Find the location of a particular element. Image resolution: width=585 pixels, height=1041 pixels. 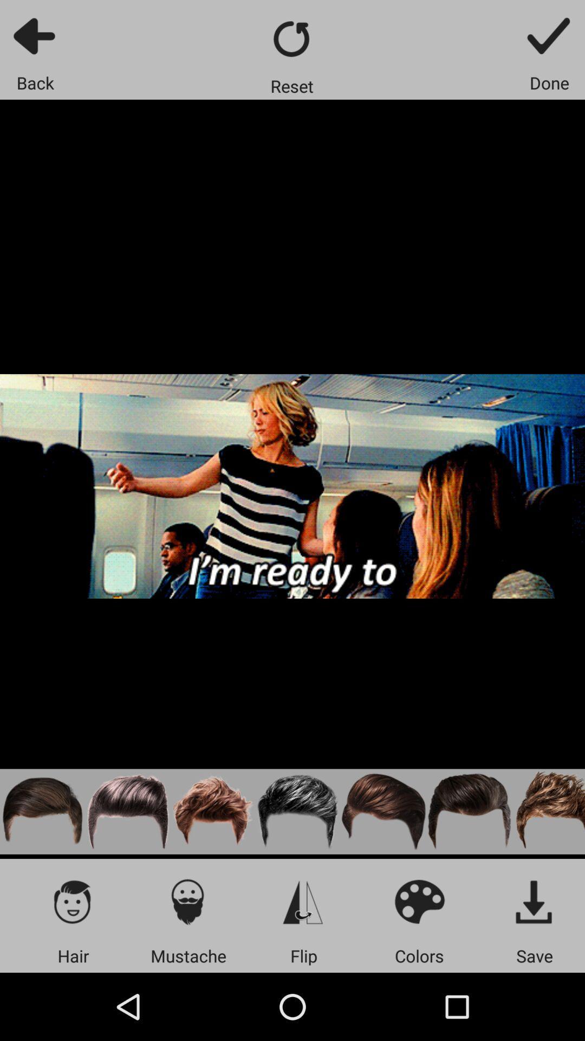

the  last image above save icon is located at coordinates (548, 812).